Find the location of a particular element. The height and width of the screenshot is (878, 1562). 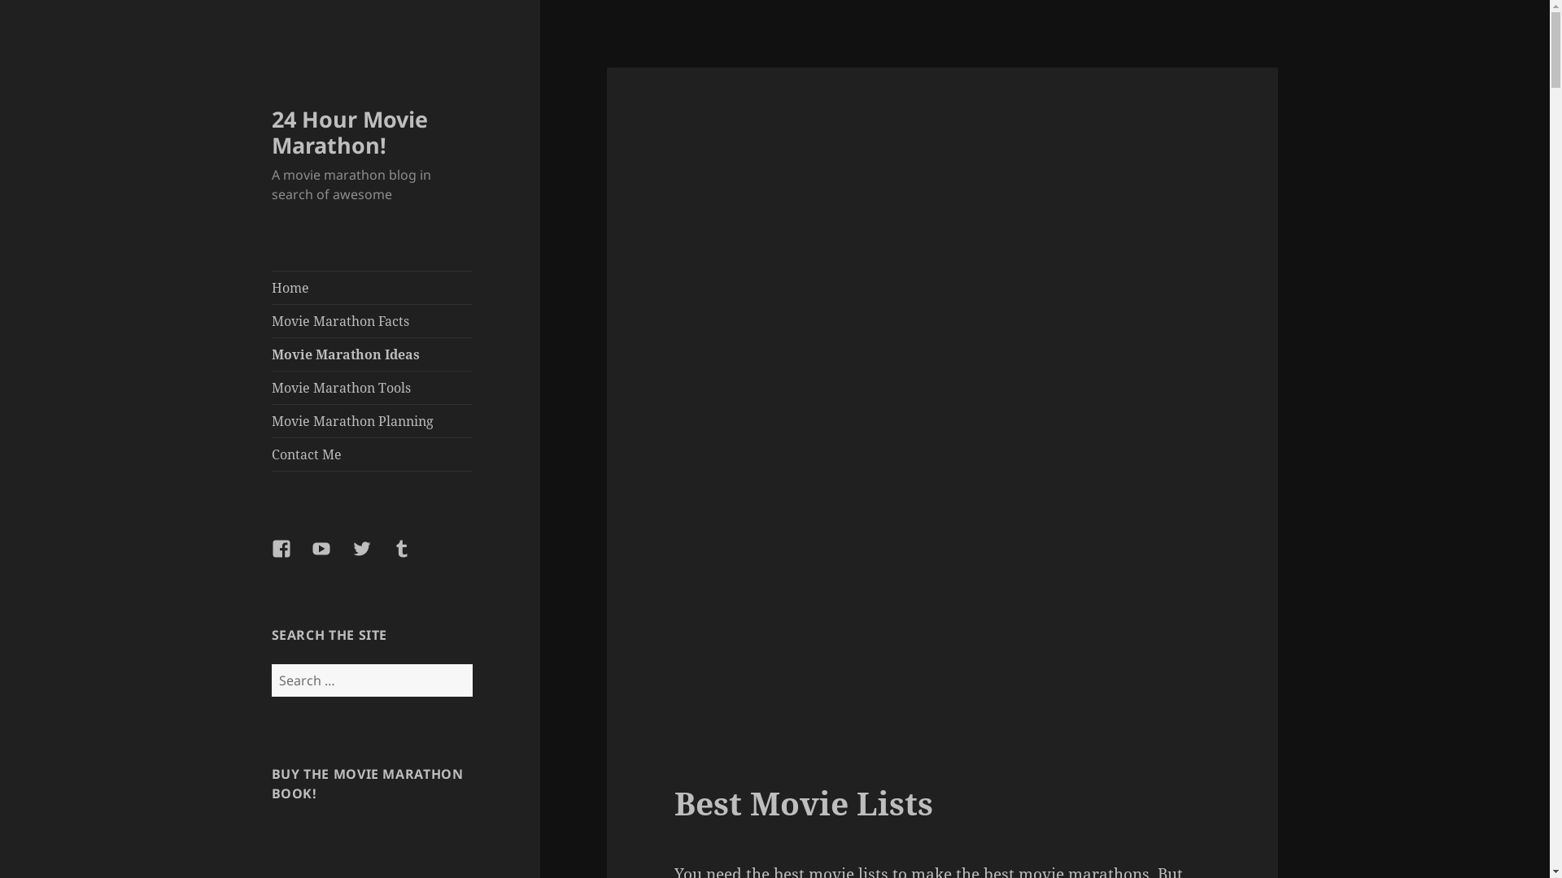

'Movie Marathon Planning' is located at coordinates (272, 419).